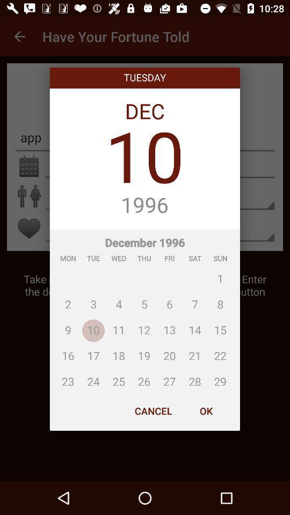 Image resolution: width=290 pixels, height=515 pixels. I want to click on the item below 1996, so click(144, 310).